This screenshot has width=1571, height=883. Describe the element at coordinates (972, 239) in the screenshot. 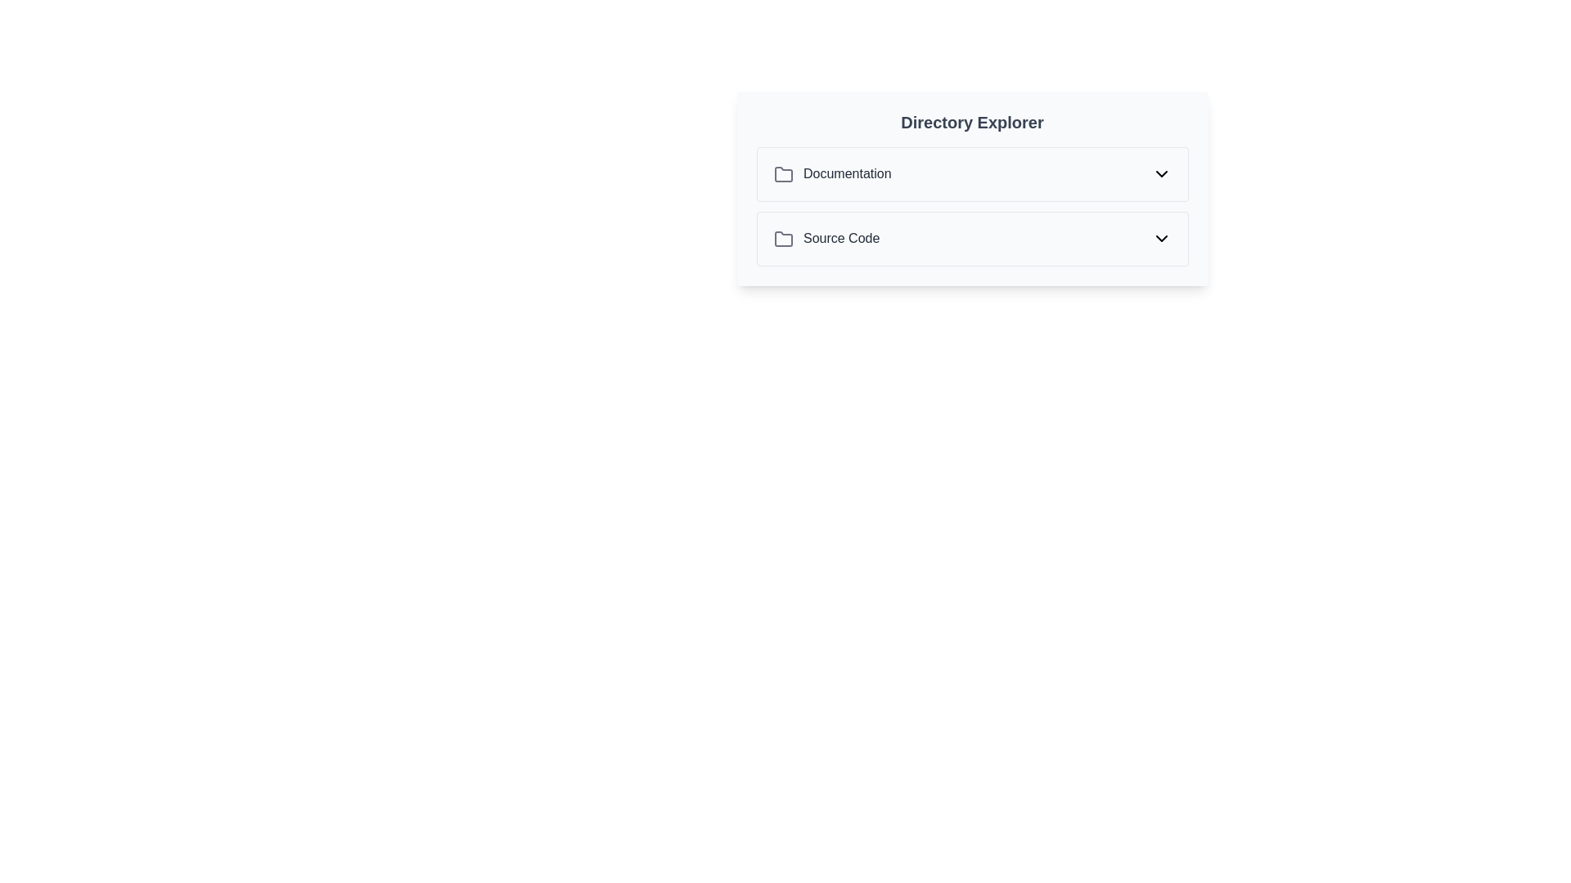

I see `the second list item representing 'Source Code' for keyboard navigation` at that location.